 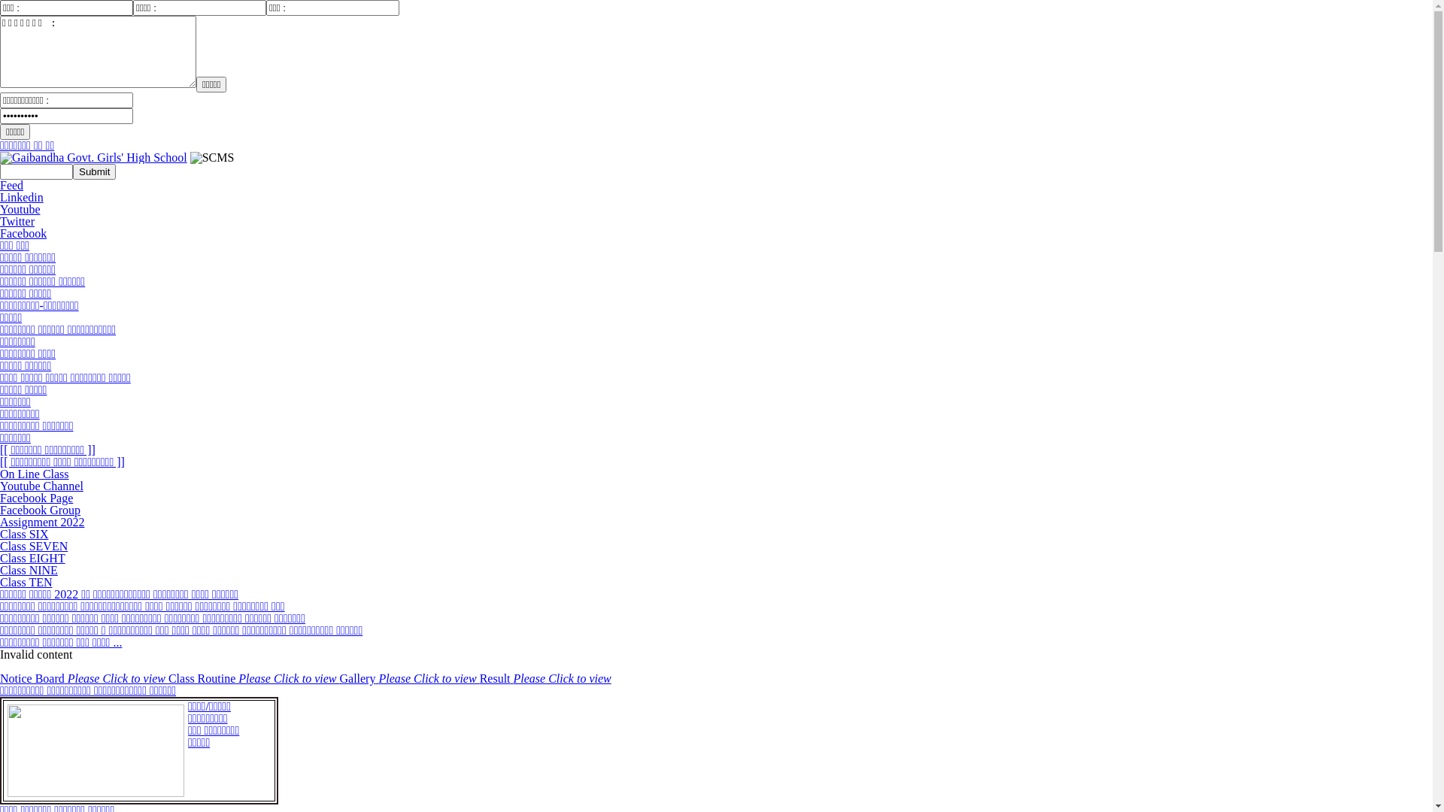 What do you see at coordinates (41, 486) in the screenshot?
I see `'Youtube Channel'` at bounding box center [41, 486].